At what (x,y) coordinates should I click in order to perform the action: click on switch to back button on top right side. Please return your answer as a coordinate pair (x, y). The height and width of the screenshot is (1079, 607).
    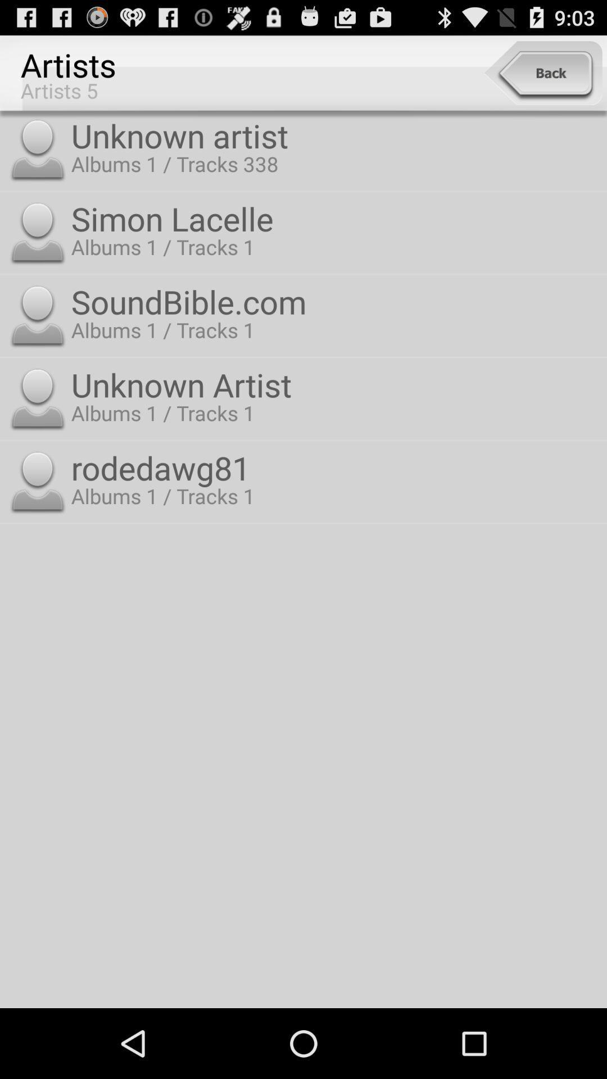
    Looking at the image, I should click on (542, 72).